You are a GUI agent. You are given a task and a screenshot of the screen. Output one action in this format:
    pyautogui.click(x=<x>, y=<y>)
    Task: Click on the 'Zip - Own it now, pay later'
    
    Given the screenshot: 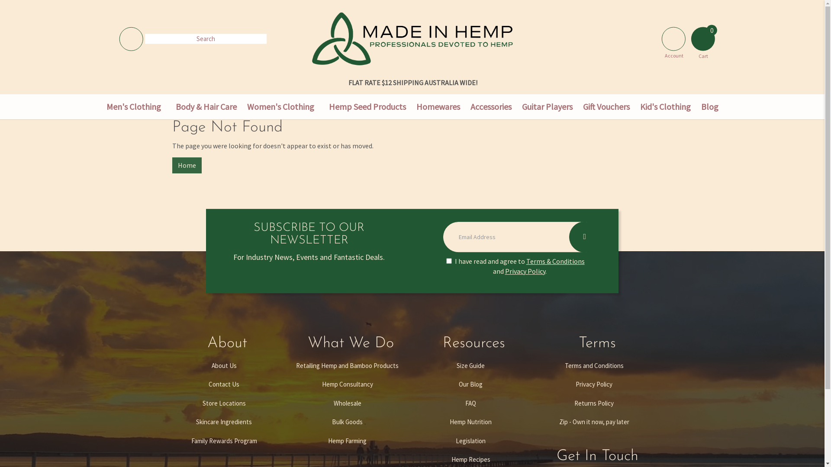 What is the action you would take?
    pyautogui.click(x=593, y=421)
    